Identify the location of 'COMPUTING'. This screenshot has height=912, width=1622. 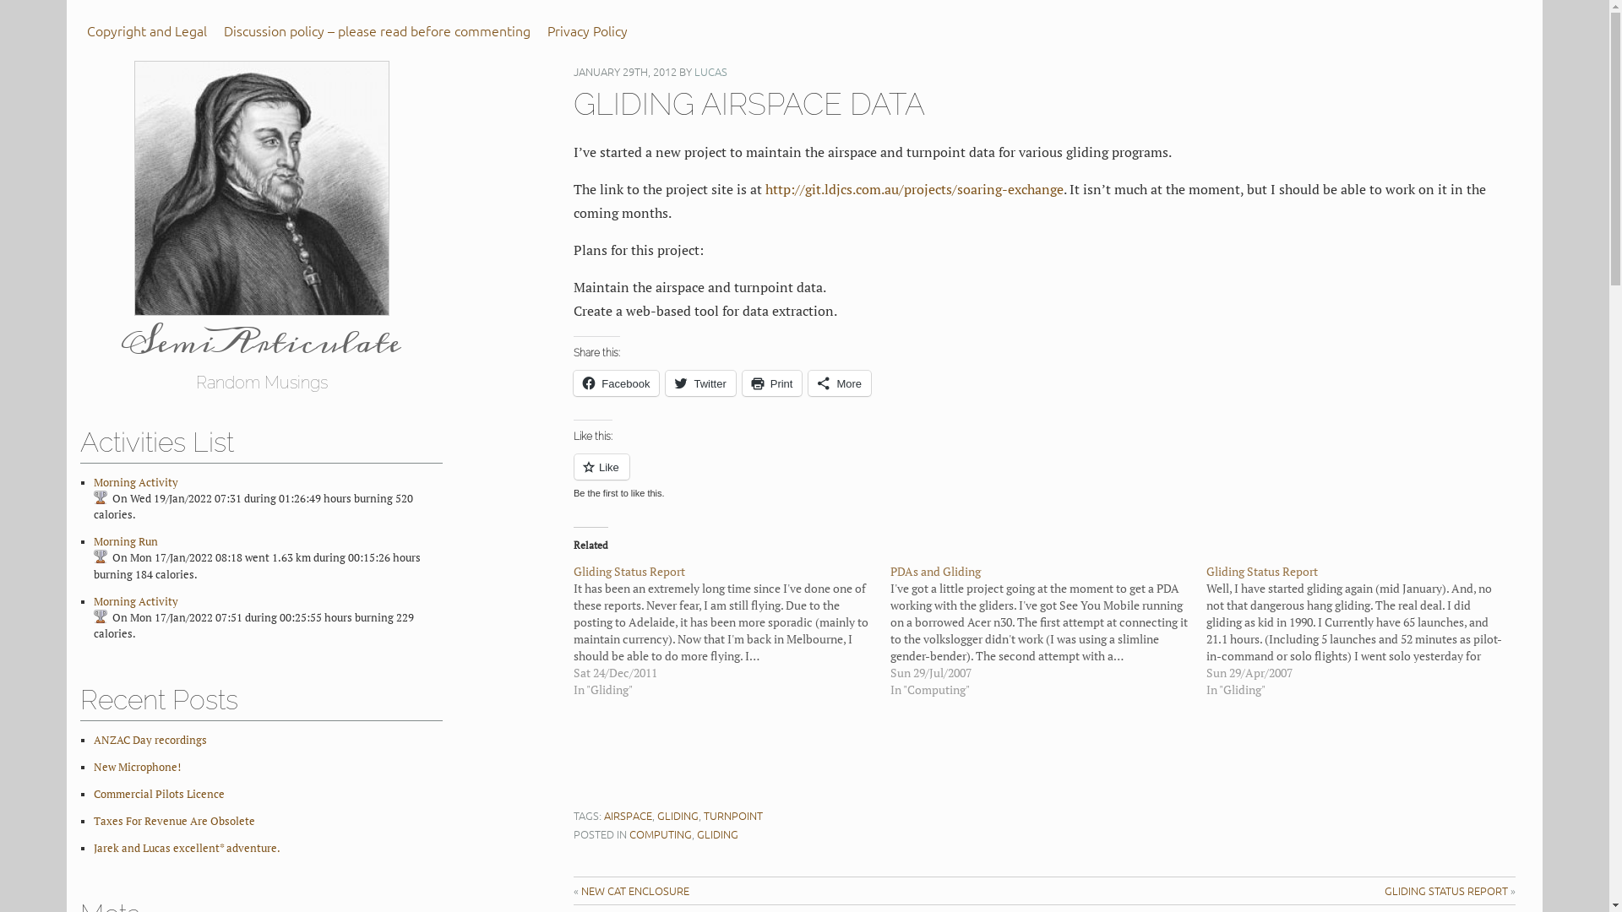
(628, 833).